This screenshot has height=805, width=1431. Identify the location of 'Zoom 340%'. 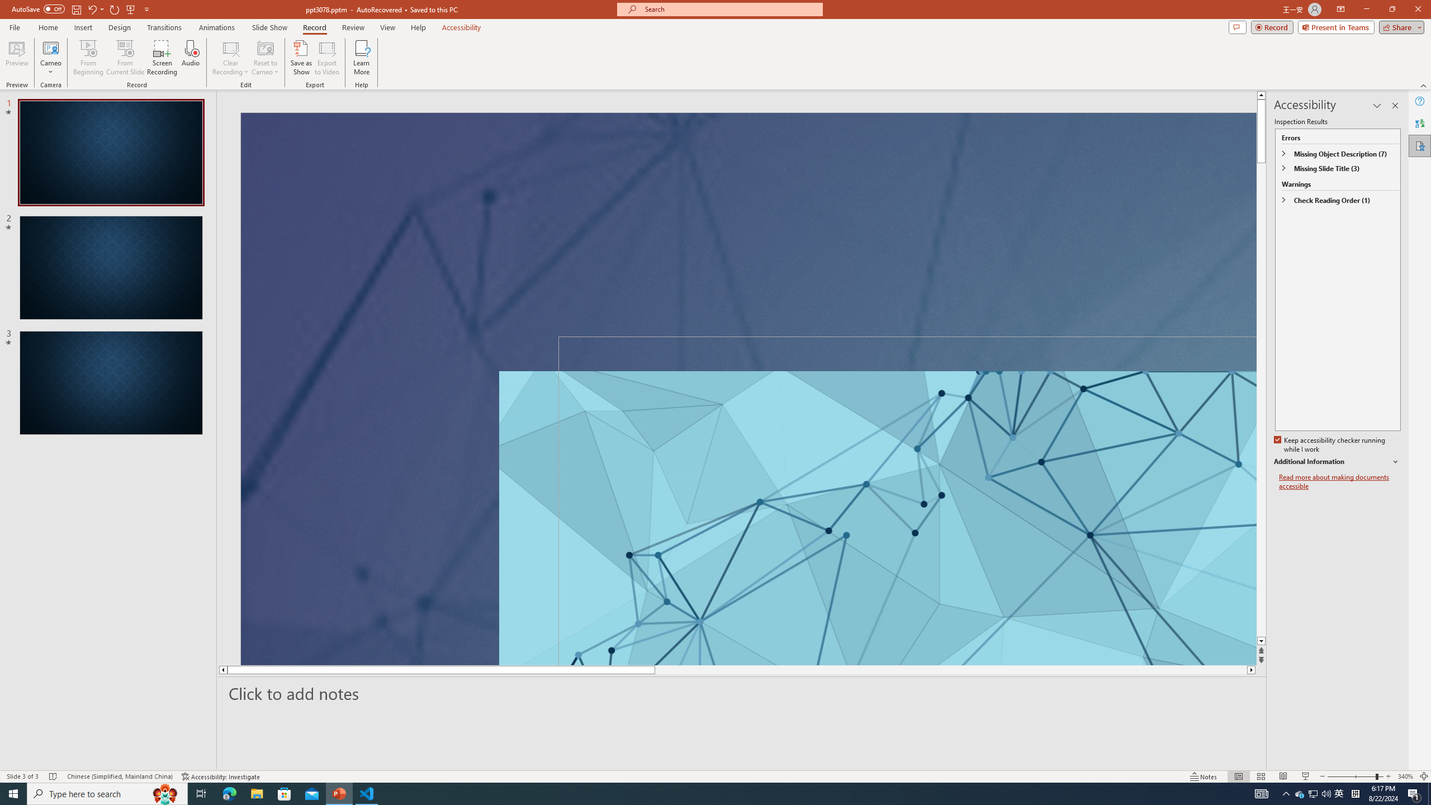
(1406, 776).